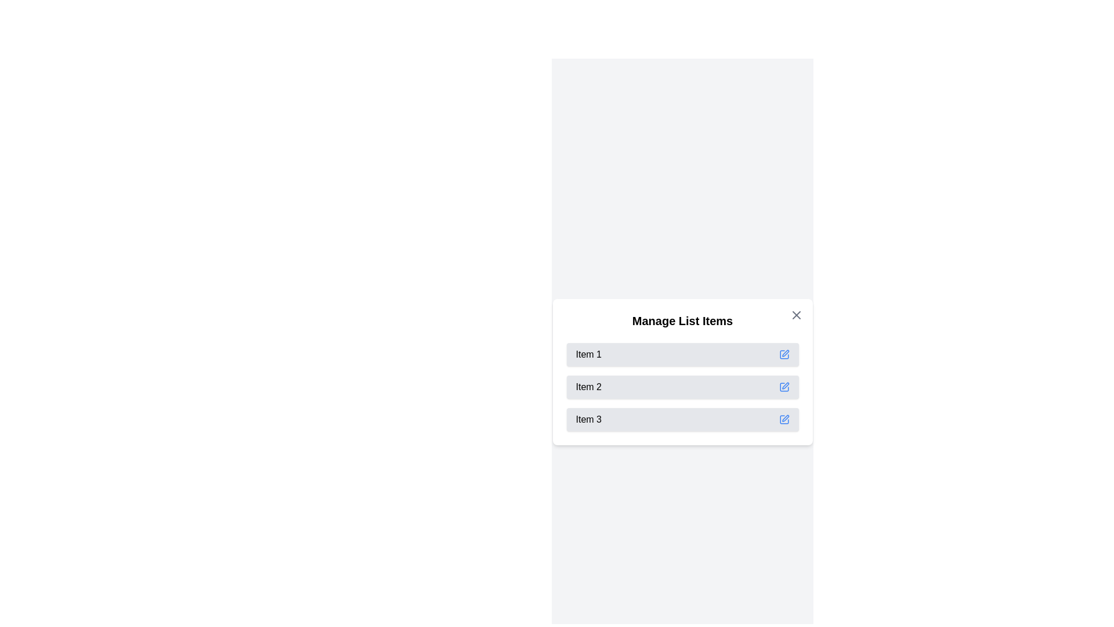 Image resolution: width=1114 pixels, height=627 pixels. Describe the element at coordinates (795, 315) in the screenshot. I see `the close button to close the dialog` at that location.